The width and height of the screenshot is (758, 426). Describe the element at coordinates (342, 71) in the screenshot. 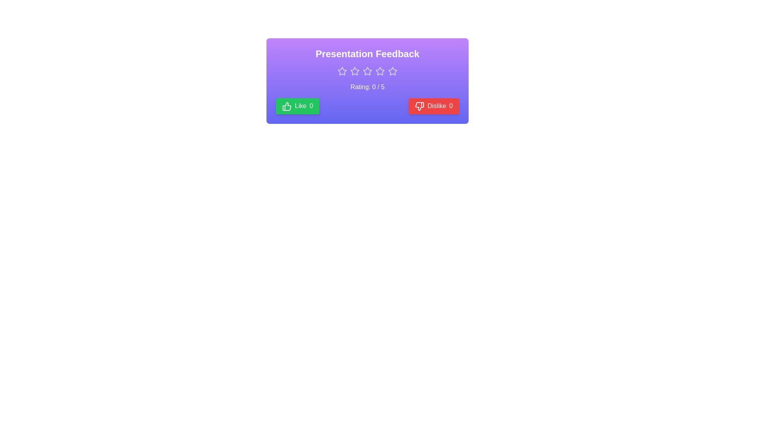

I see `the rating to 1 stars by clicking on the corresponding star` at that location.